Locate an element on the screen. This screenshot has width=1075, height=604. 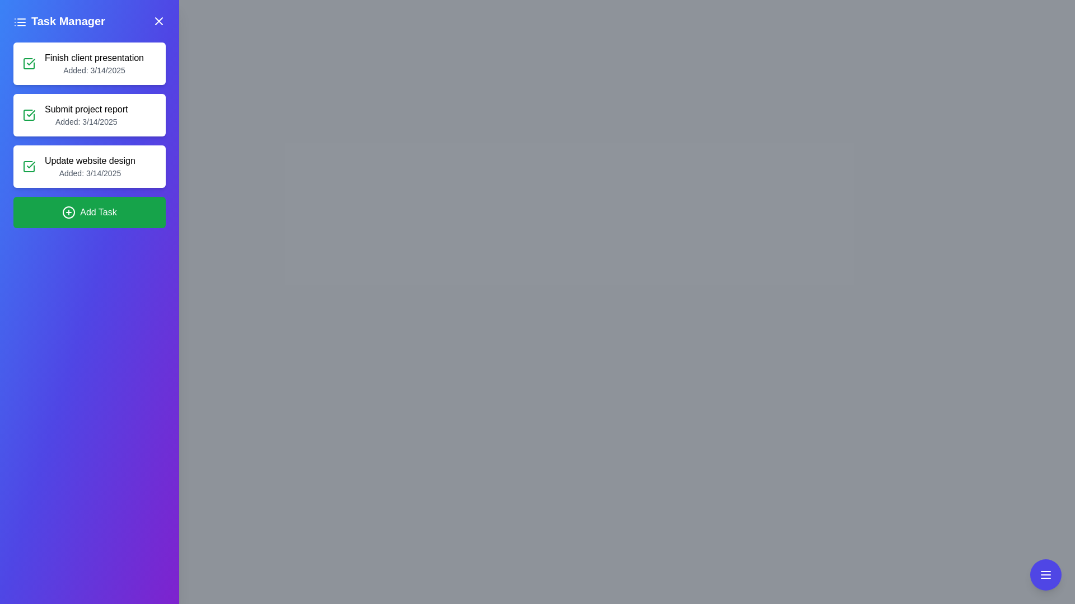
the Text label in the task card located on the left side of the task manager interface, positioned above the date label 'Added: 3/14/2025' is located at coordinates (94, 58).